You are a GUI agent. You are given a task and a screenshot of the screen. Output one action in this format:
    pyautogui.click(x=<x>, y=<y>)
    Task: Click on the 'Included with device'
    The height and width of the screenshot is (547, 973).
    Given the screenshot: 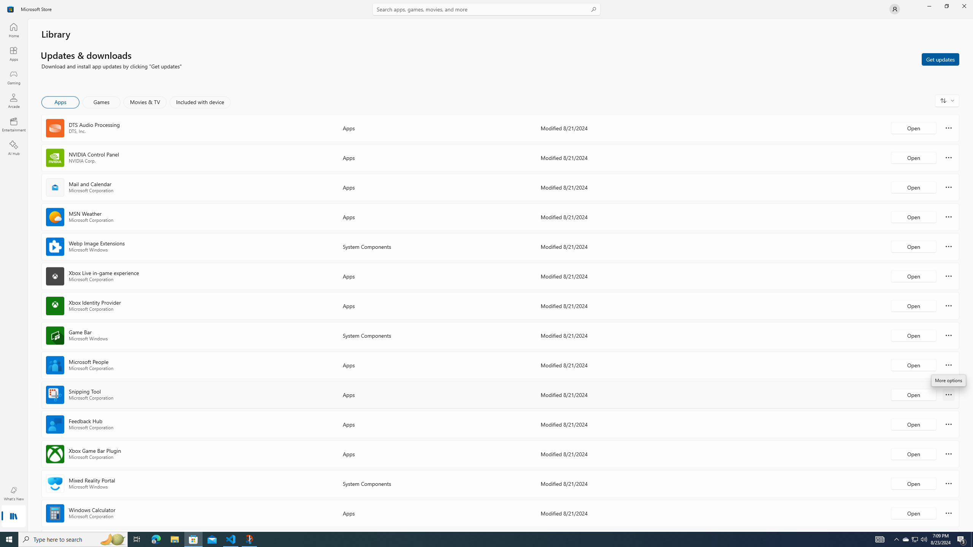 What is the action you would take?
    pyautogui.click(x=200, y=102)
    